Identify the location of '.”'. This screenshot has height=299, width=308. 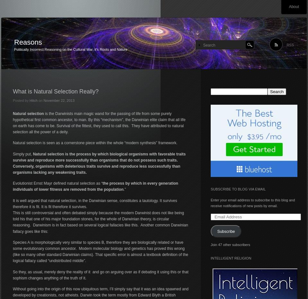
(125, 189).